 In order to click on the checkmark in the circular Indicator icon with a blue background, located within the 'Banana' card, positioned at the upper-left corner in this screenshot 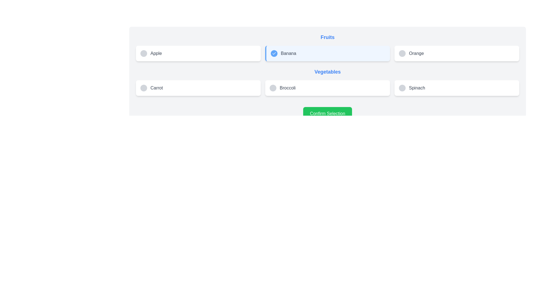, I will do `click(274, 54)`.